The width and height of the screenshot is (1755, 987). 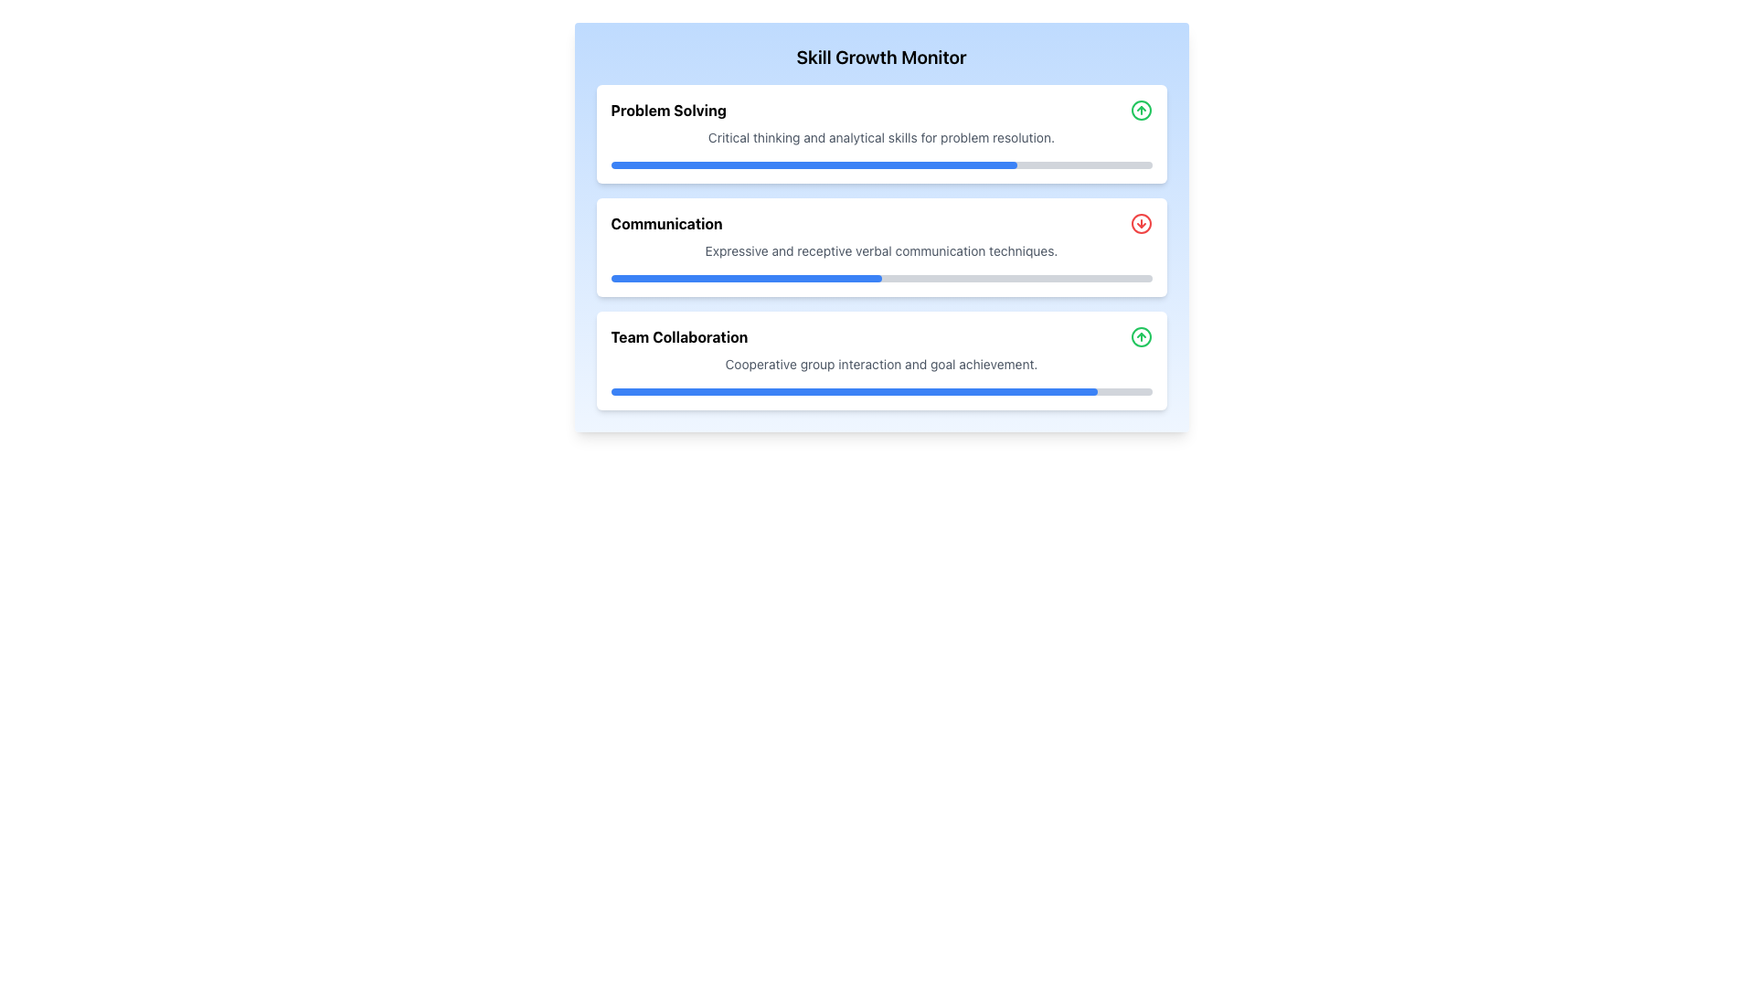 What do you see at coordinates (1140, 223) in the screenshot?
I see `the red circular icon with a downward-pointing arrow located next to the 'Communication' label to interact with it` at bounding box center [1140, 223].